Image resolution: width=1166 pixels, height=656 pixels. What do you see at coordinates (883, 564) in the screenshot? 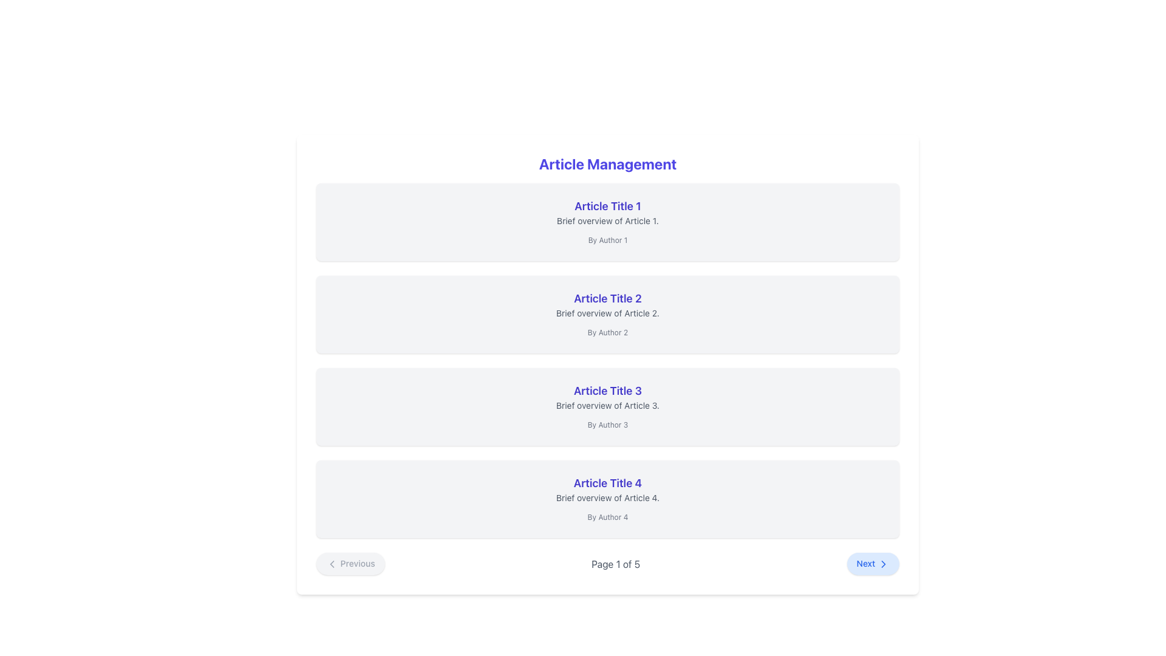
I see `the Right-arrow icon located immediately to the right of the 'Next' button in the bottom-right corner of the page` at bounding box center [883, 564].